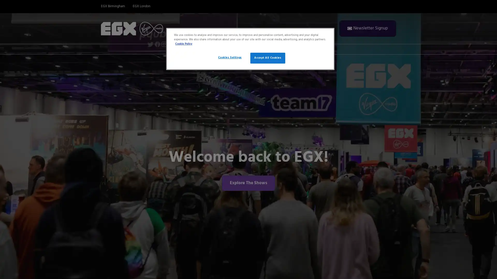 The height and width of the screenshot is (279, 497). I want to click on Accept All Cookies, so click(268, 58).